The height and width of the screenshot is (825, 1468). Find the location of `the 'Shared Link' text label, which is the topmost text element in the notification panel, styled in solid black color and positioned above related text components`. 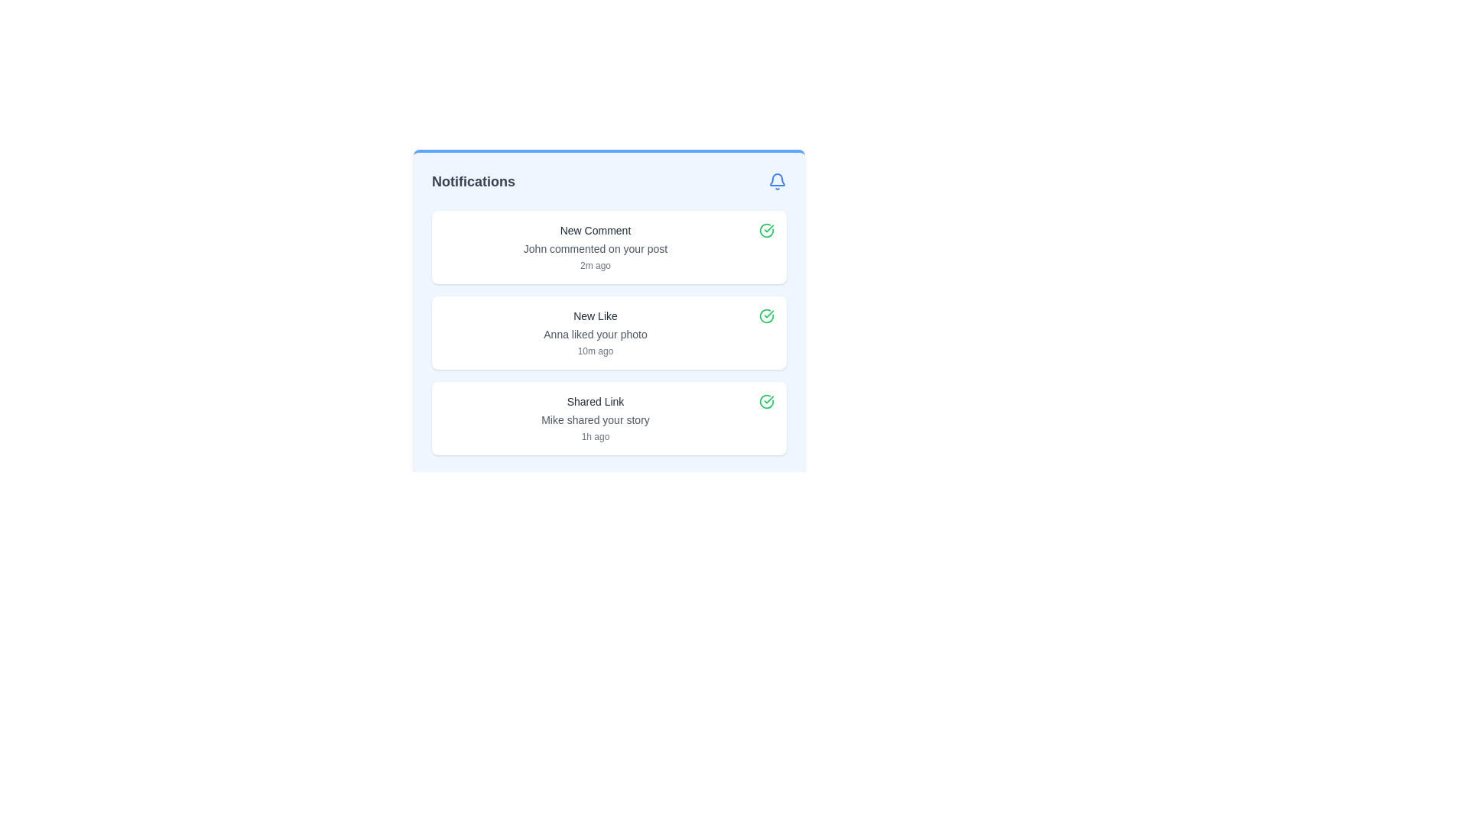

the 'Shared Link' text label, which is the topmost text element in the notification panel, styled in solid black color and positioned above related text components is located at coordinates (594, 400).